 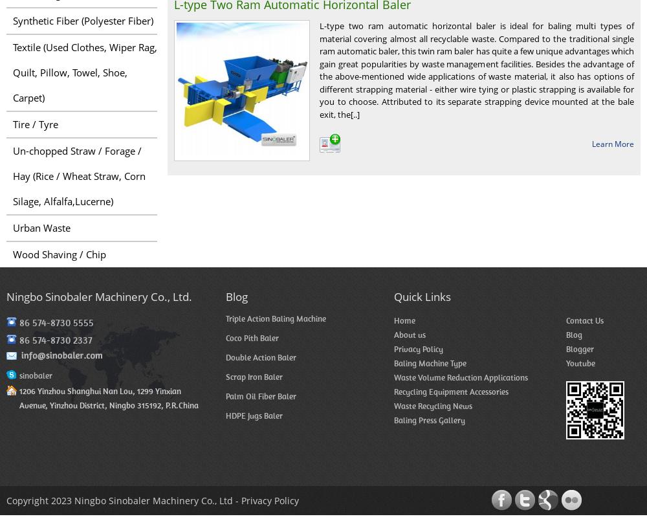 What do you see at coordinates (55, 339) in the screenshot?
I see `'86 574-8730 2337'` at bounding box center [55, 339].